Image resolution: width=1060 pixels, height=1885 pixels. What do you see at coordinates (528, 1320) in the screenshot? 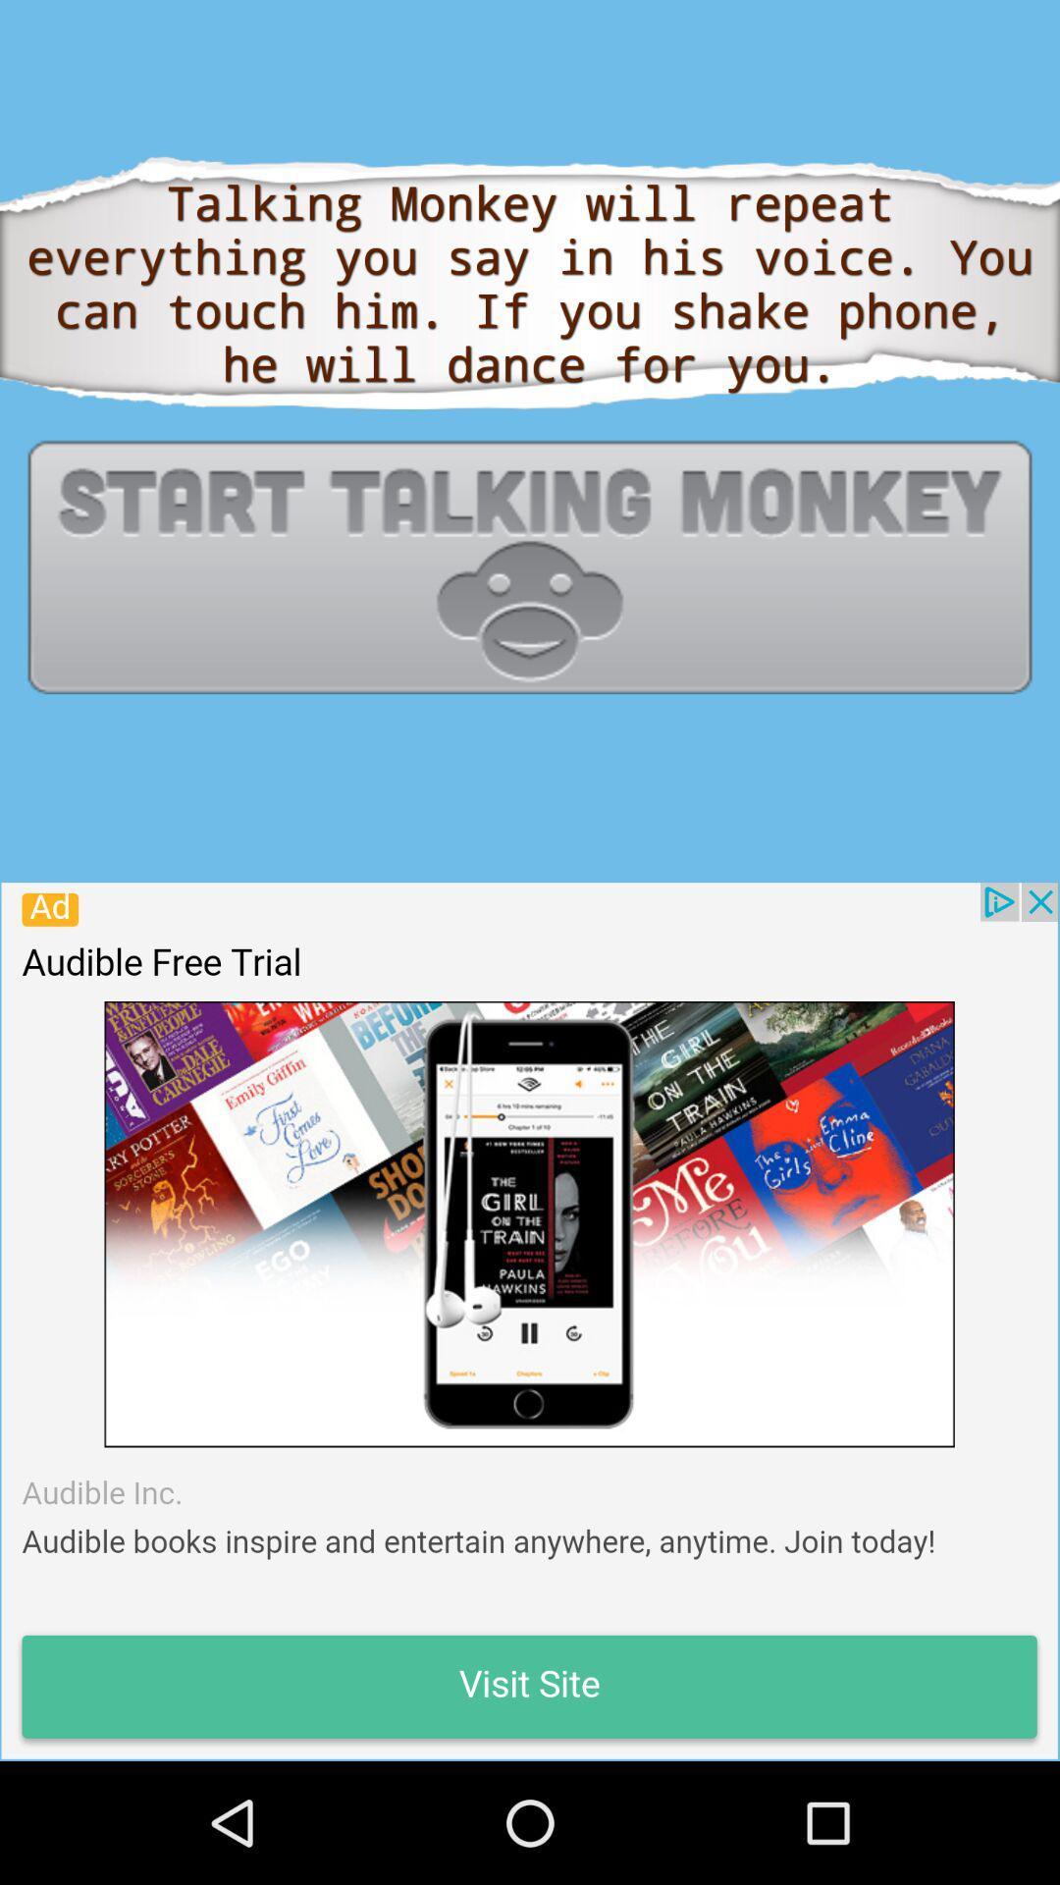
I see `advertisement page` at bounding box center [528, 1320].